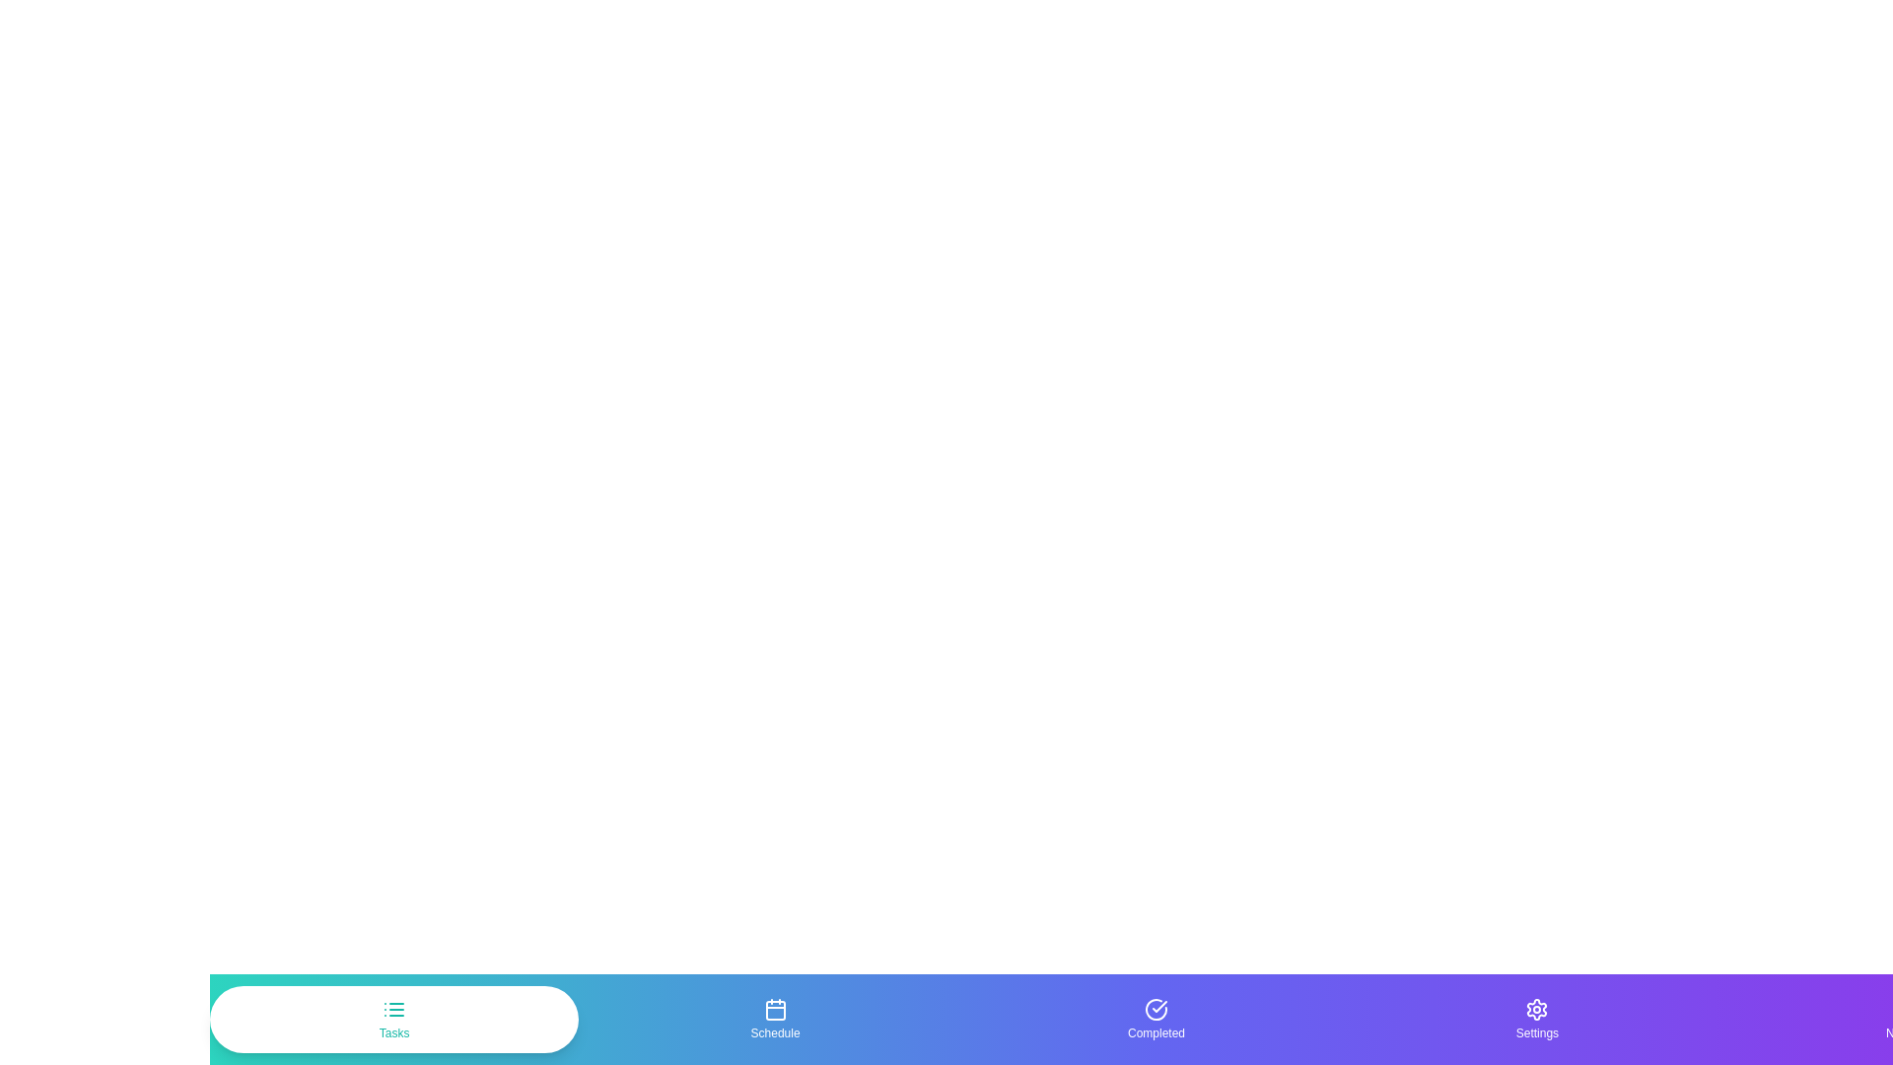 The width and height of the screenshot is (1893, 1065). What do you see at coordinates (393, 1019) in the screenshot?
I see `the Tasks tab by clicking on its button` at bounding box center [393, 1019].